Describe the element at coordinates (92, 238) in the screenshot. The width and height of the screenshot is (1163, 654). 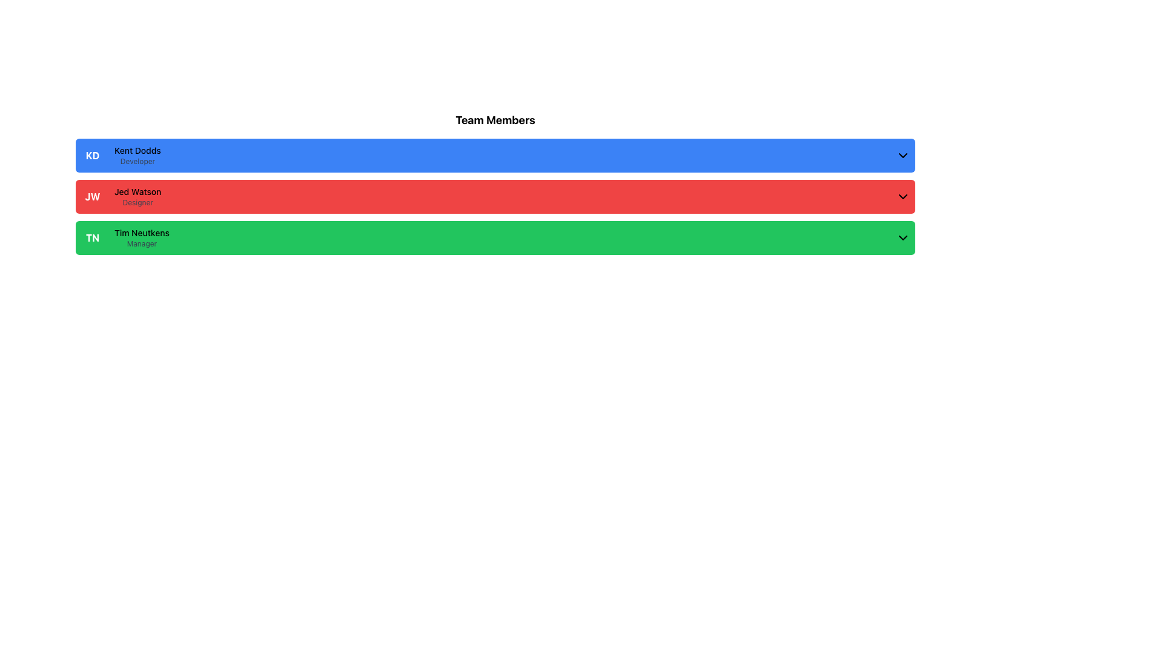
I see `the Avatar element with a green background and 'TN' text, located at the start of the green bar labeled 'Tim Neutkens Manager'` at that location.